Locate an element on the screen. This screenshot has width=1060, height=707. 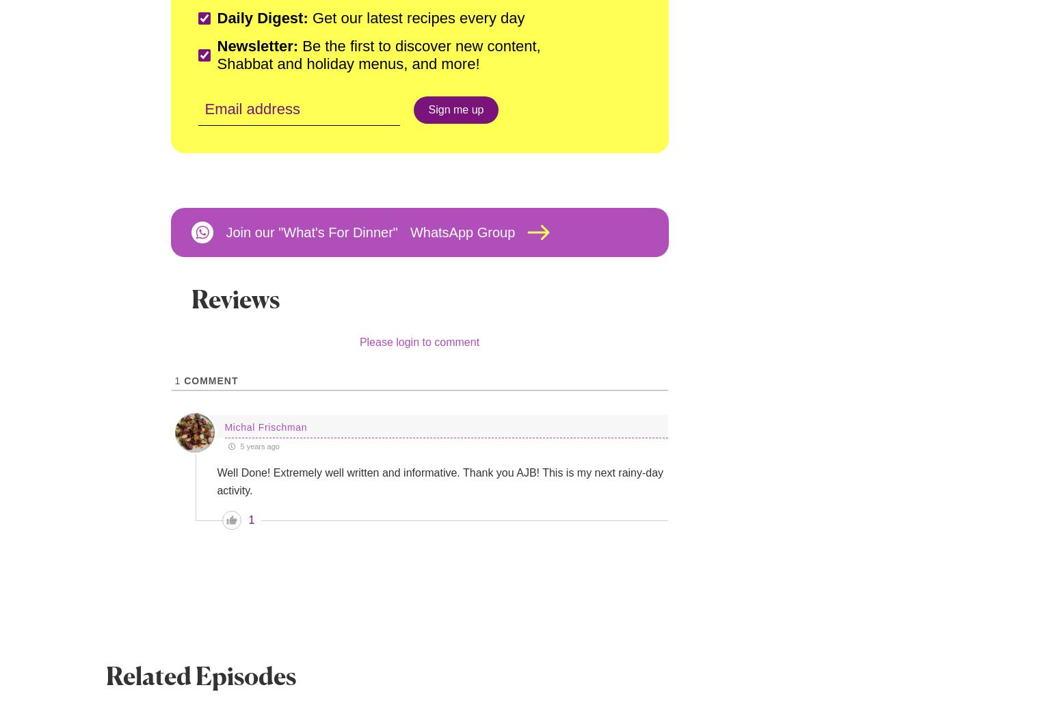
'Get our latest recipes
                        every day' is located at coordinates (307, 18).